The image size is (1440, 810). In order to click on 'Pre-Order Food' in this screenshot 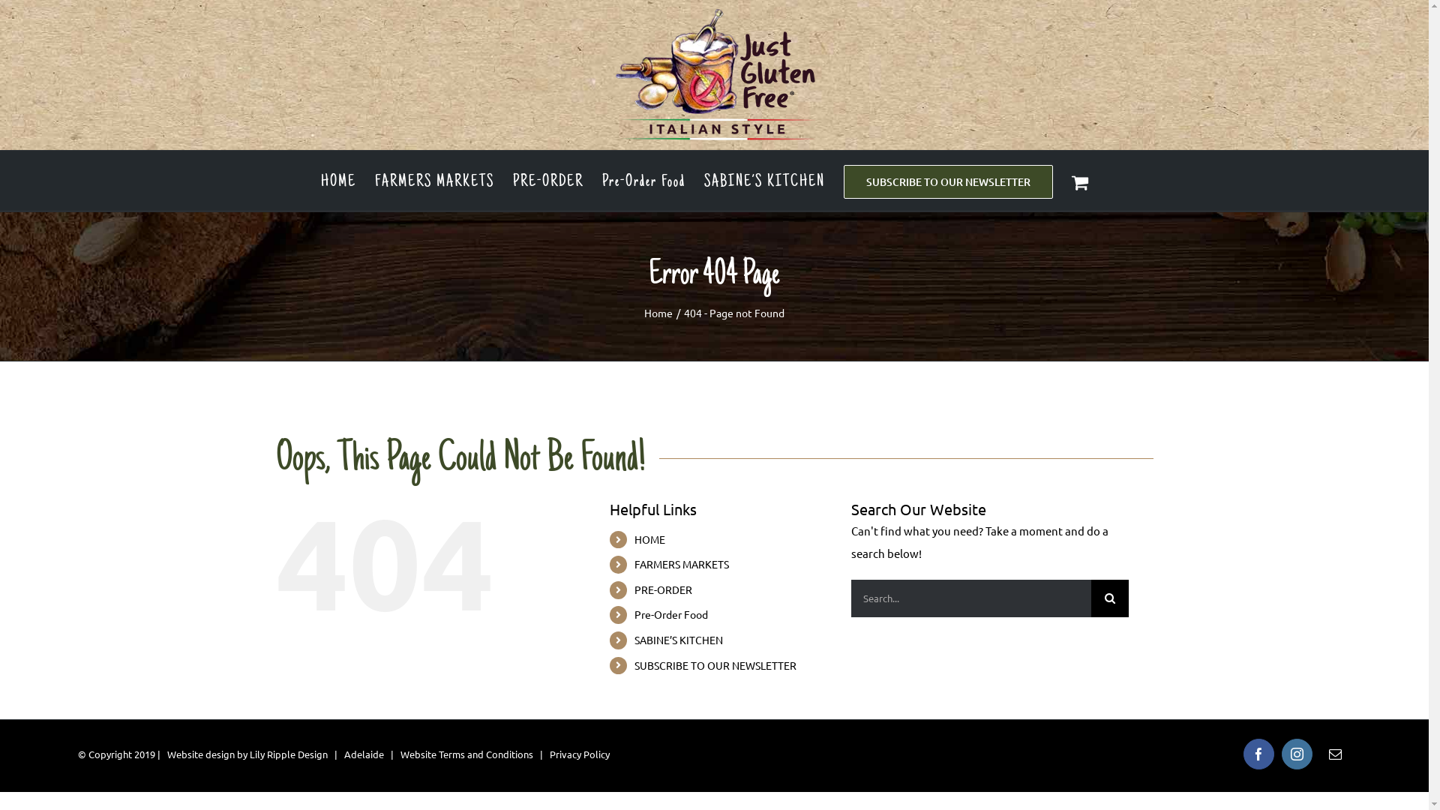, I will do `click(670, 613)`.